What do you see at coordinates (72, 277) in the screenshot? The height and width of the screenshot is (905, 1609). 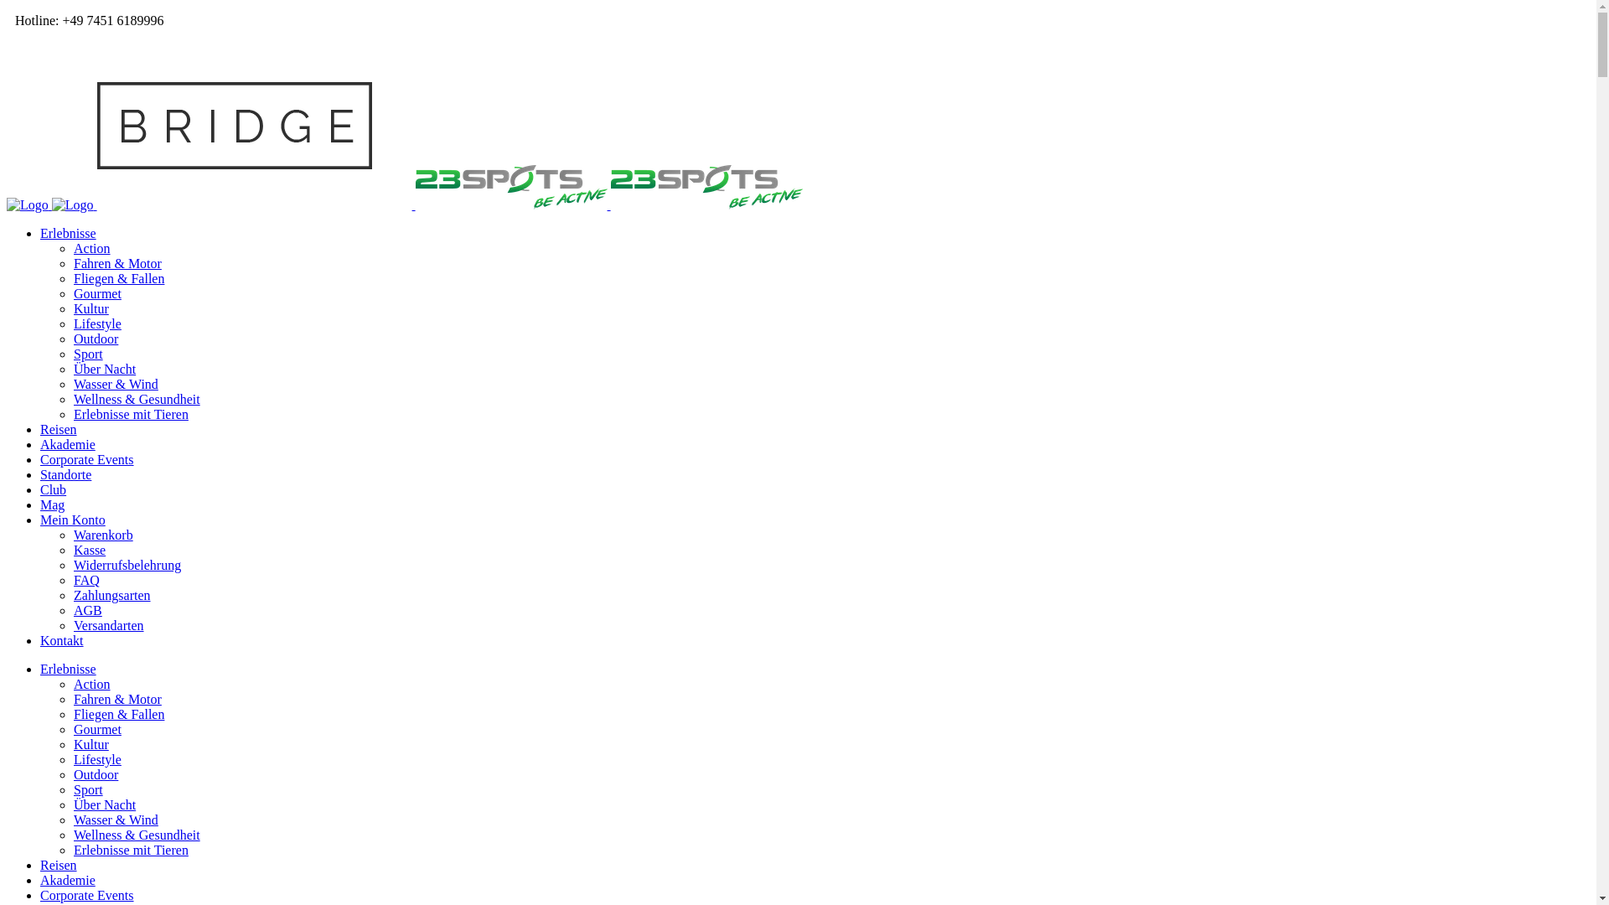 I see `'Fliegen & Fallen'` at bounding box center [72, 277].